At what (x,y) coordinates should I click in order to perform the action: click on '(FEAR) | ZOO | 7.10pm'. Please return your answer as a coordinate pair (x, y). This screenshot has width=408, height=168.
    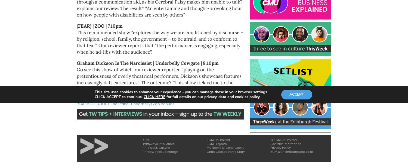
    Looking at the image, I should click on (99, 26).